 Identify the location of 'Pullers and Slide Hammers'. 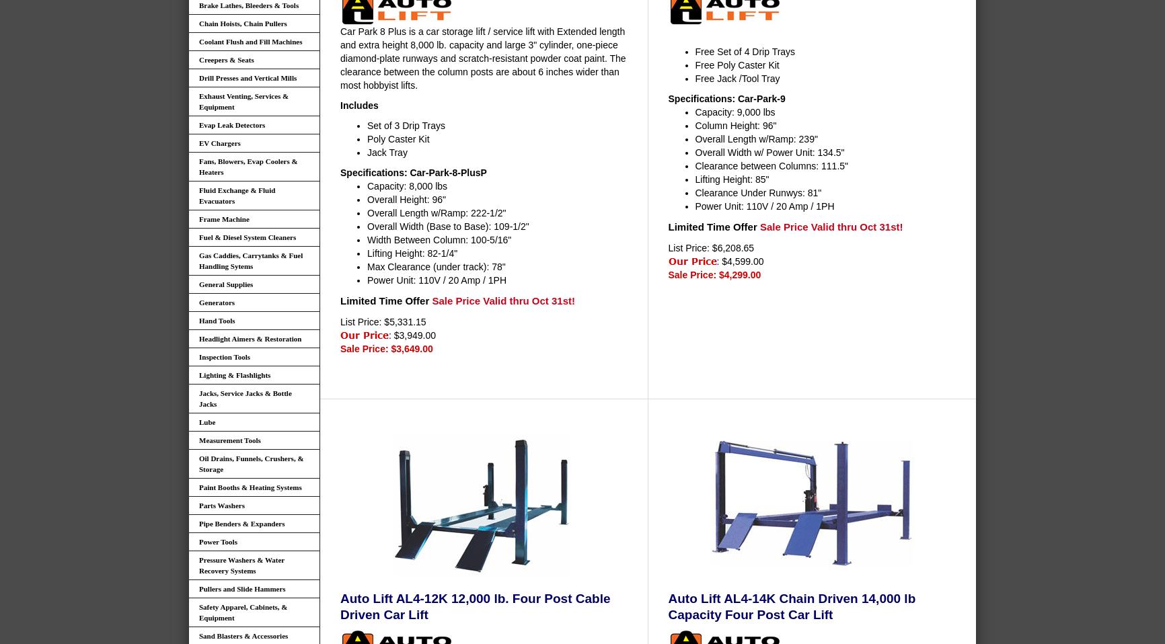
(241, 588).